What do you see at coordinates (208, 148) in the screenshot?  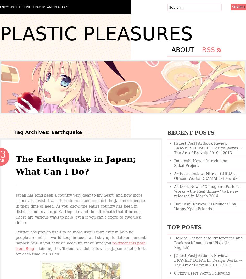 I see `'[Guest Post] Artbook Review: BRAVELY DEFAULT Design Works ~ The Art of Bravely 2010 – 2013'` at bounding box center [208, 148].